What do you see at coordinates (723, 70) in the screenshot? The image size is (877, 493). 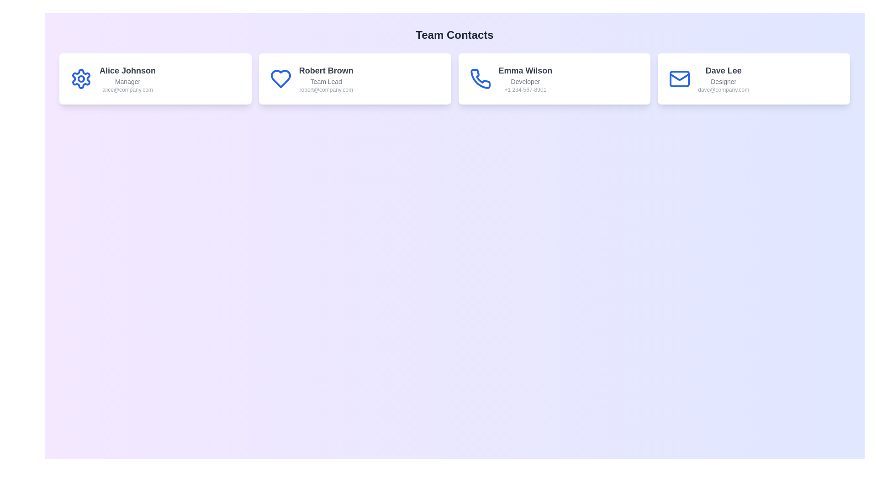 I see `the 'Dave Lee' text label, which is styled with a large, bold font in gray color, located at the top of the rightmost profile card, adjacent to an envelope icon and above the title 'Designer'` at bounding box center [723, 70].